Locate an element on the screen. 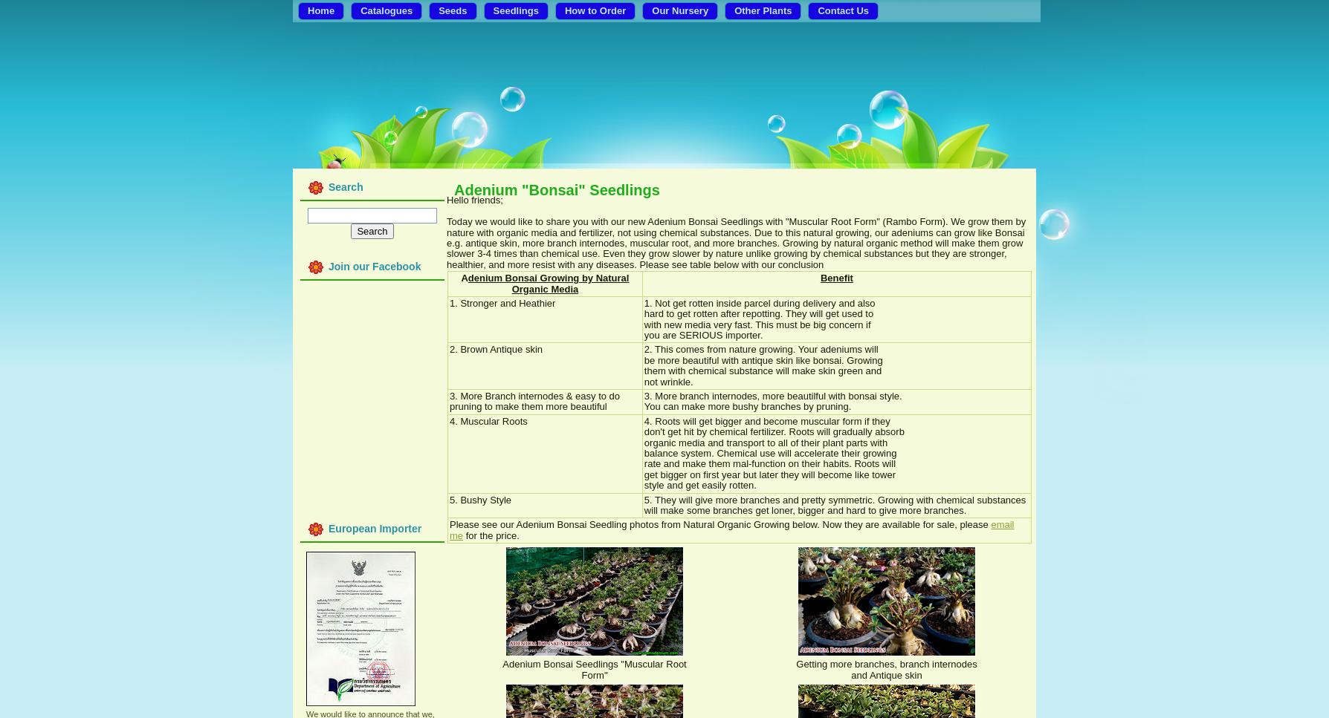 The height and width of the screenshot is (718, 1329). 'get bigger on first year but later they will become like tower' is located at coordinates (769, 473).